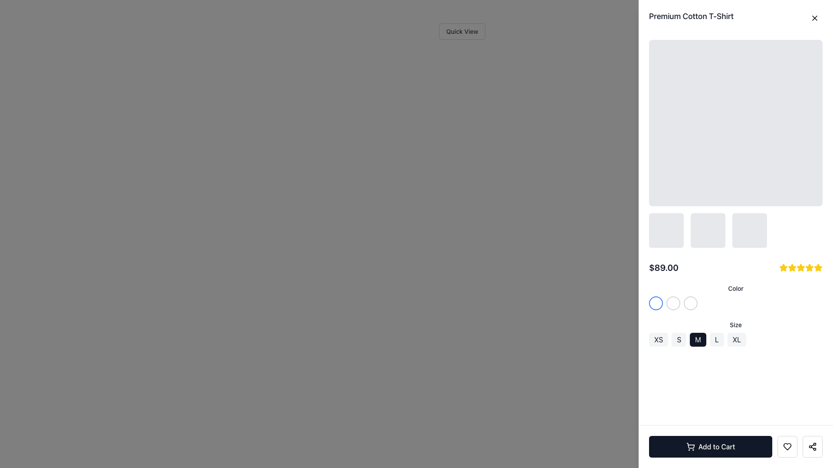  I want to click on the shopping cart icon within the 'Add to Cart' button, so click(690, 446).